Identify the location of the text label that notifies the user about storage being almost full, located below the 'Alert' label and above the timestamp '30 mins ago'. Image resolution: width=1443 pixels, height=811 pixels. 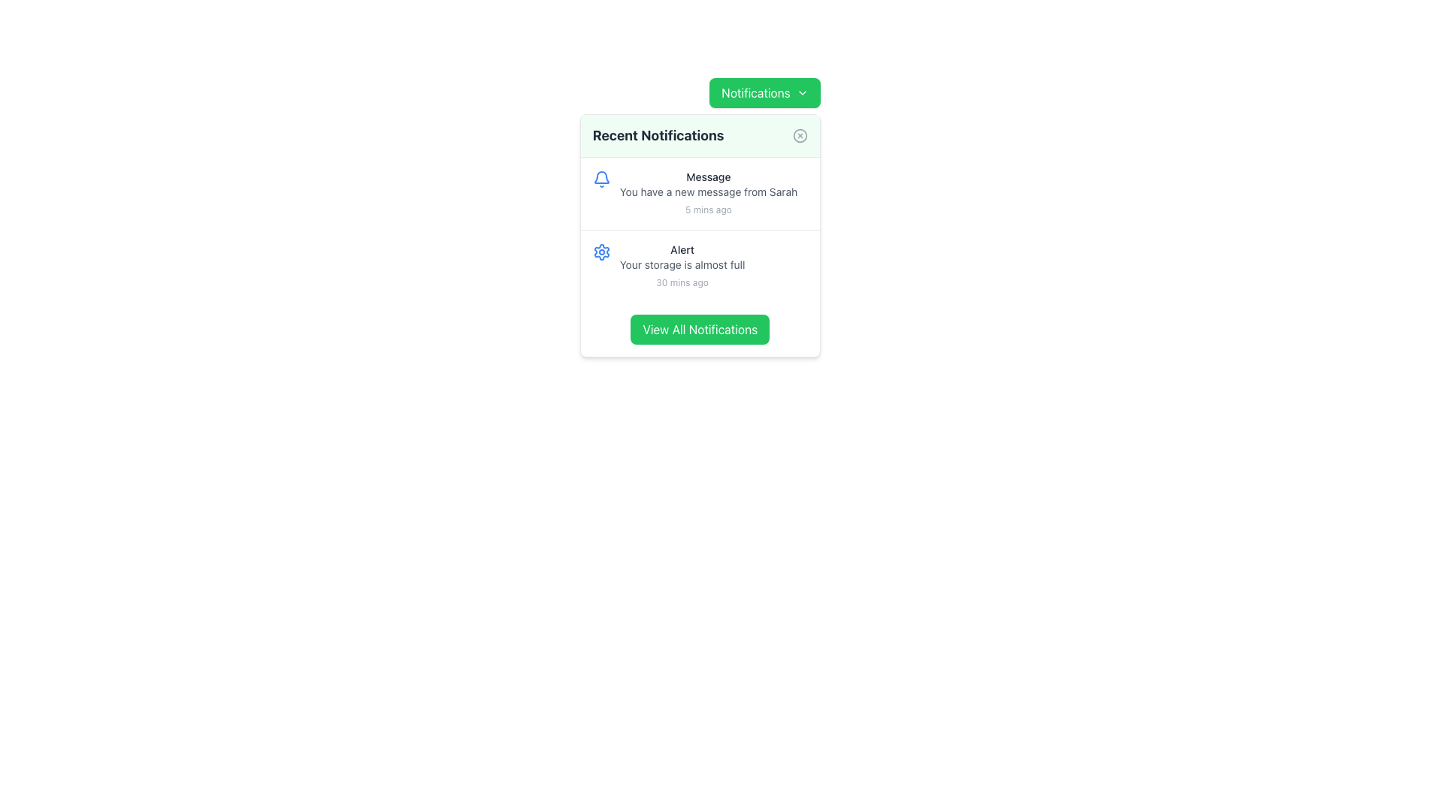
(682, 264).